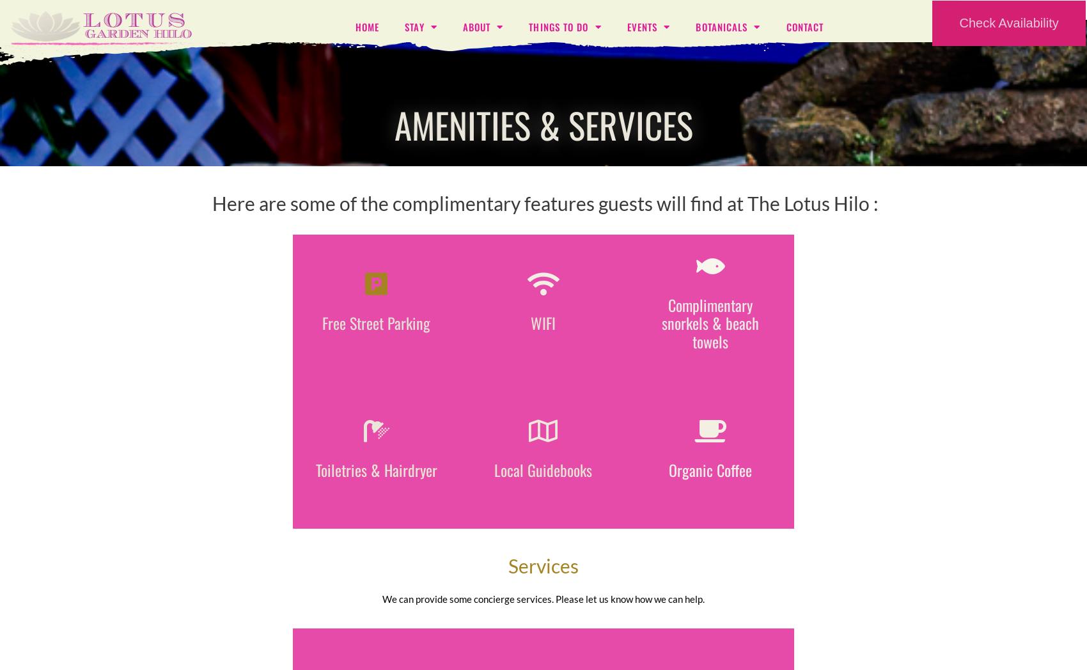 The image size is (1087, 670). I want to click on 'Amenities & Services', so click(542, 124).